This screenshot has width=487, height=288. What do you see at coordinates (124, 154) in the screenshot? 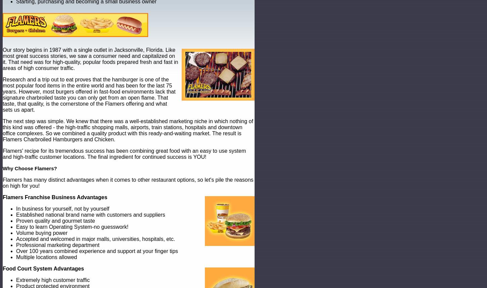
I see `'Flamers' recipe for its tremendous success has been combining great food with an easy to use system and high-traffic customer locations. The final ingredient for continued success is YOU!'` at bounding box center [124, 154].